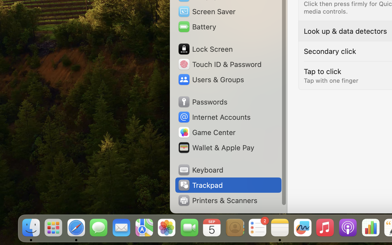 This screenshot has width=392, height=245. Describe the element at coordinates (330, 51) in the screenshot. I see `'Secondary click'` at that location.